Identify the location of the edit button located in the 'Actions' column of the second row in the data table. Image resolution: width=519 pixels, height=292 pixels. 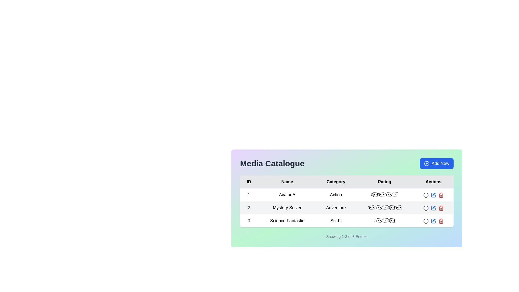
(433, 207).